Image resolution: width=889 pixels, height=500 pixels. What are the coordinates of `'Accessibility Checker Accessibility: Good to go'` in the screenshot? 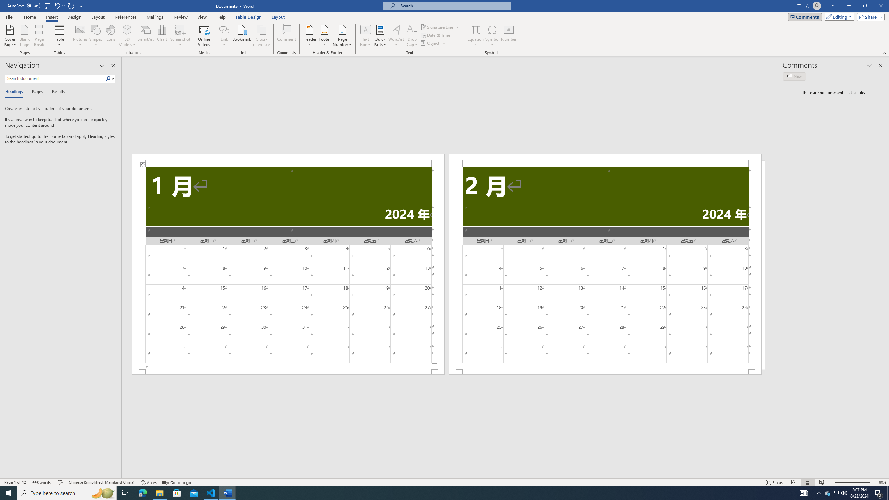 It's located at (165, 482).